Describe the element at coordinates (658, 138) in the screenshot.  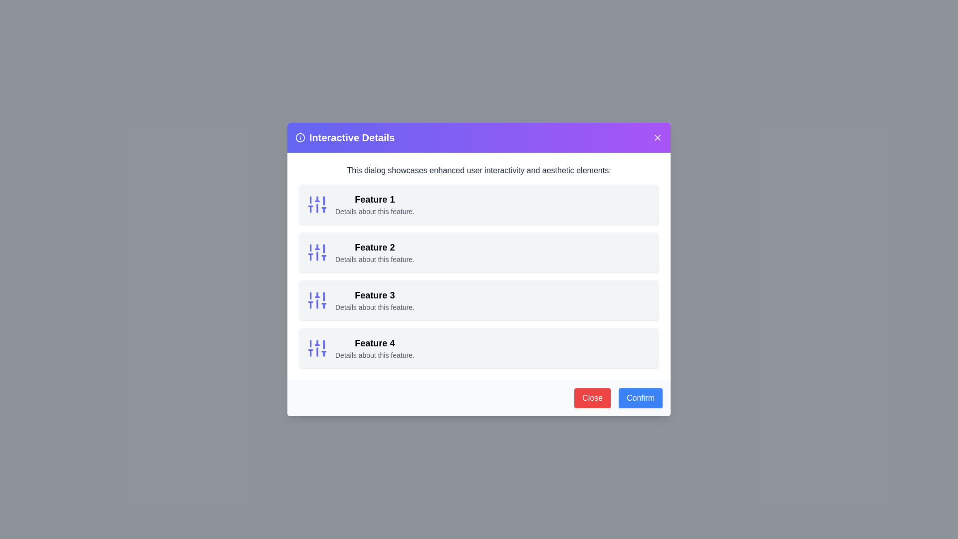
I see `the close button in the header to close the dialog` at that location.